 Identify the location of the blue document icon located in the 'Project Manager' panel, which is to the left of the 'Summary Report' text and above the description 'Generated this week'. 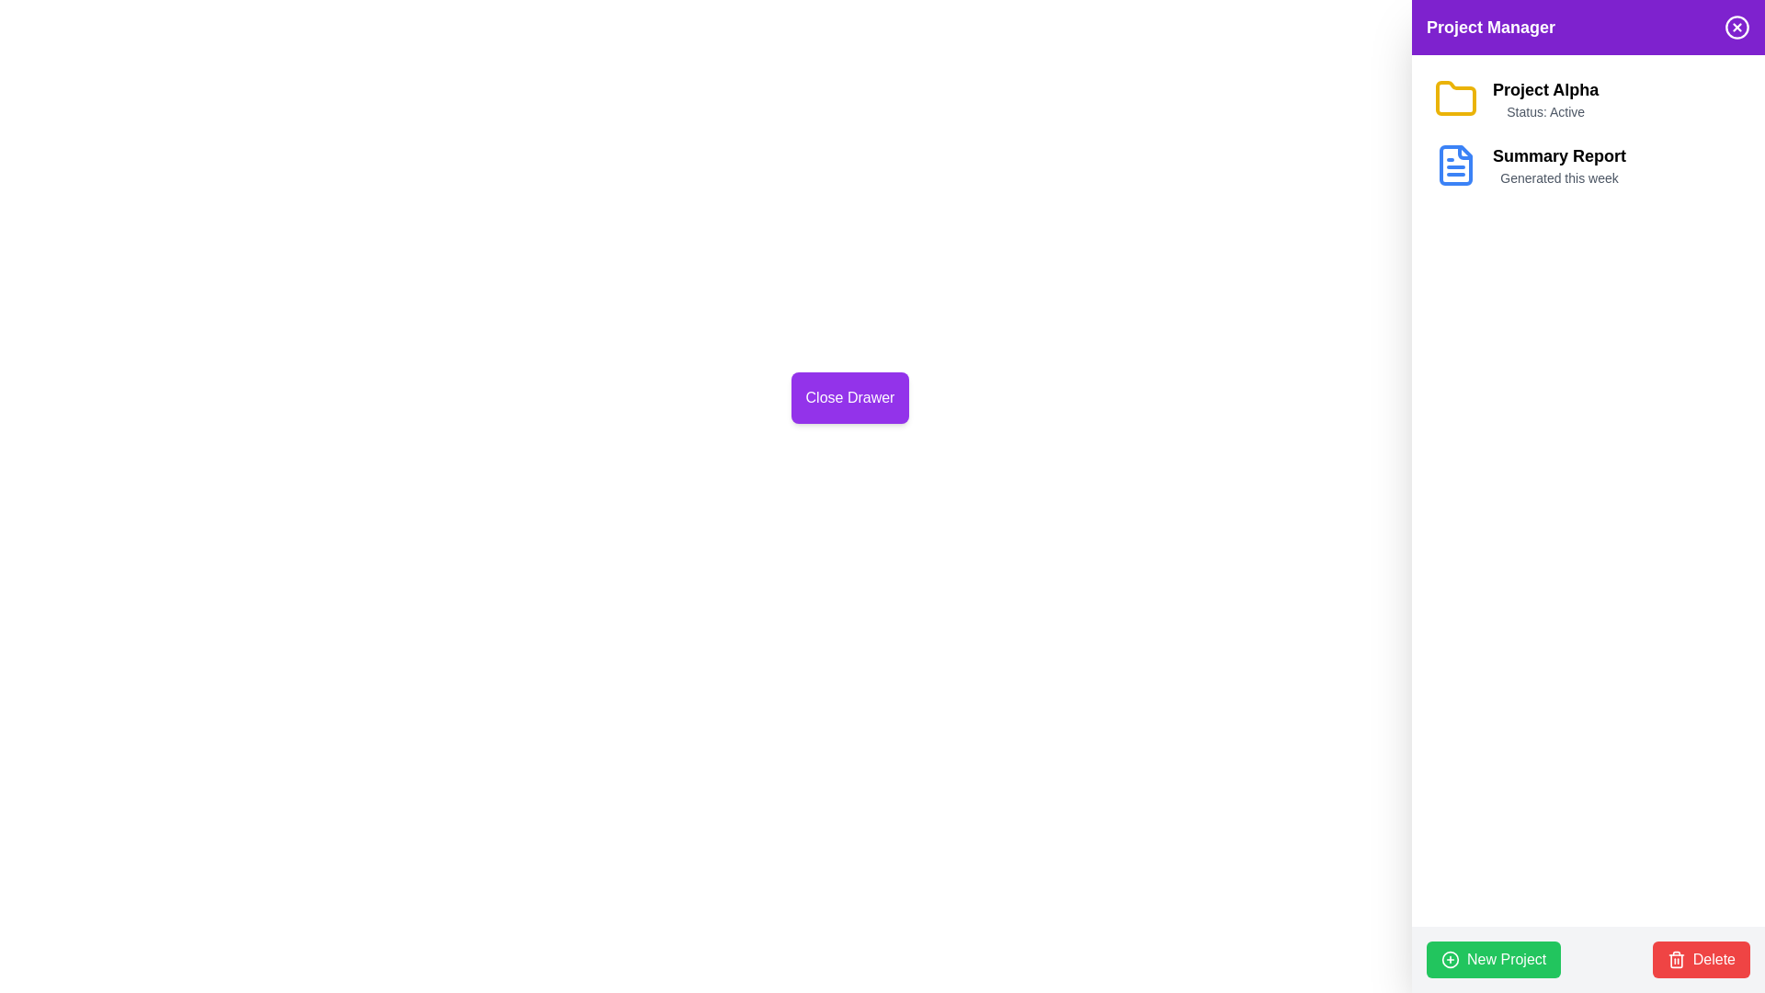
(1455, 165).